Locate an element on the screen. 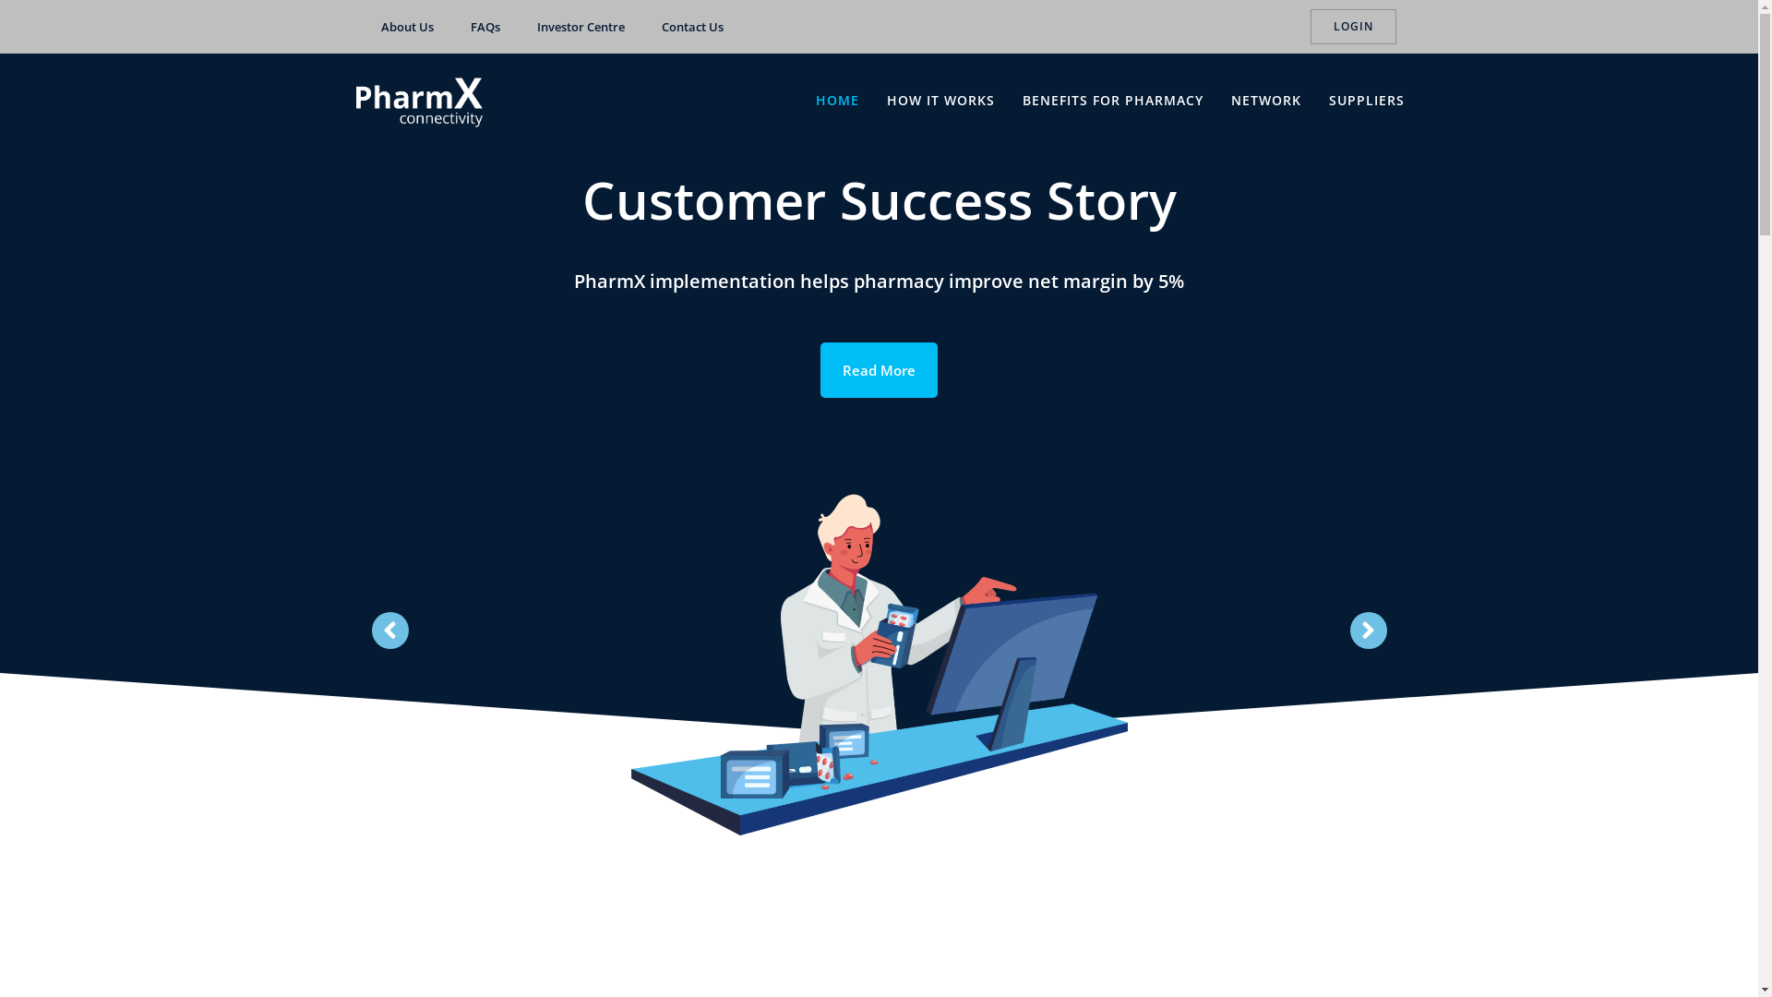 Image resolution: width=1772 pixels, height=997 pixels. 'NETWORK' is located at coordinates (1231, 99).